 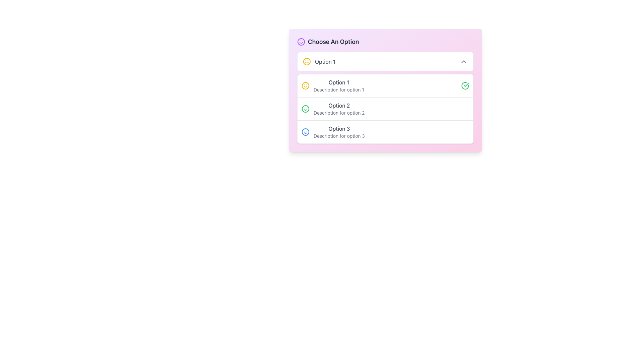 I want to click on the circular SVG element that forms the boundary of the yellow smiley icon, located at the center of the icon, so click(x=307, y=62).